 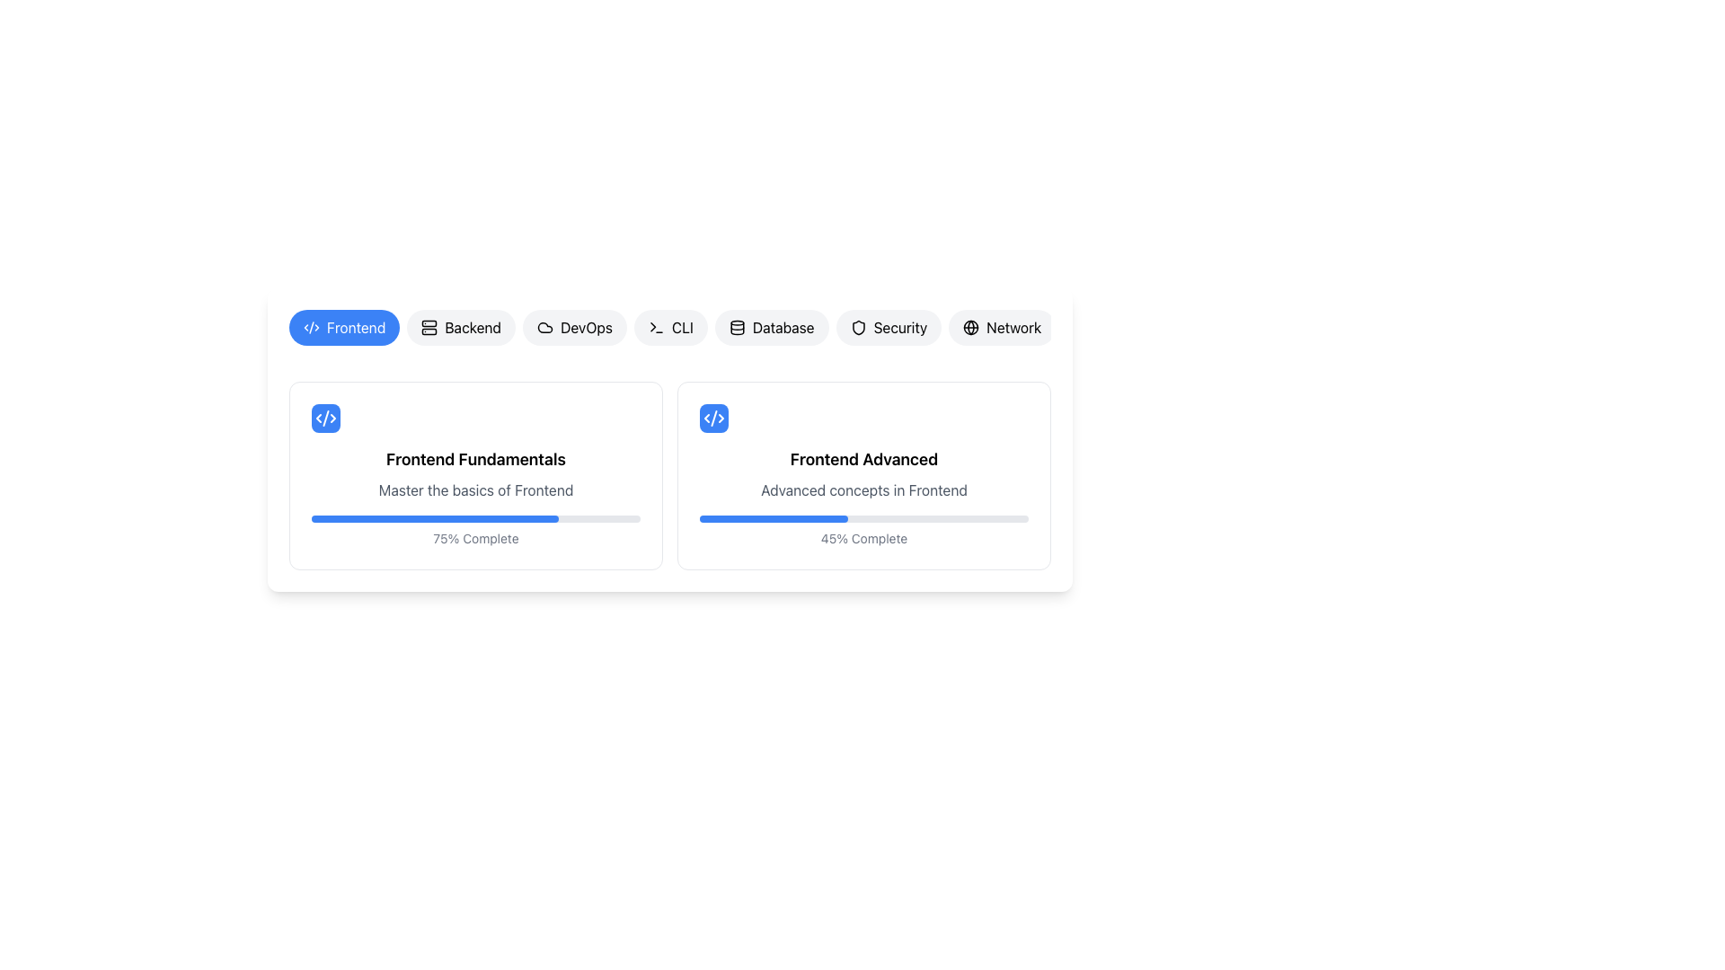 I want to click on the 'Frontend' button located at the top left of the button row, so click(x=344, y=328).